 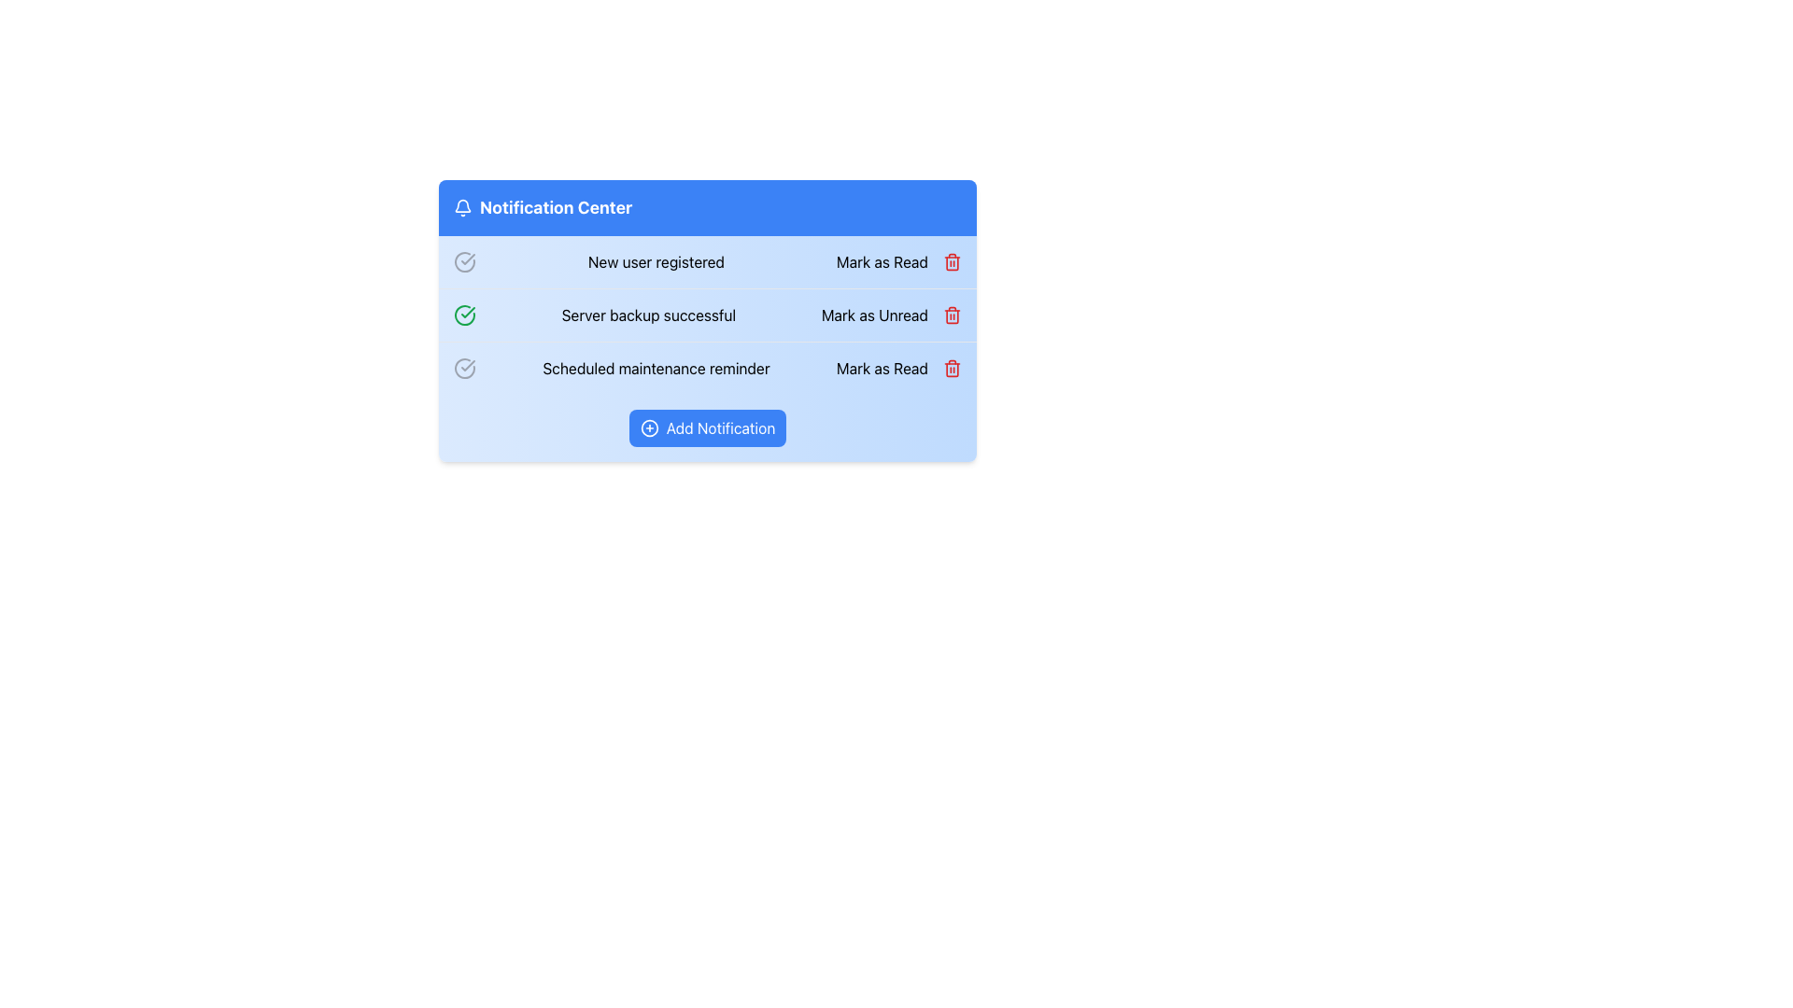 What do you see at coordinates (648, 315) in the screenshot?
I see `text displayed in the notification stating 'Server backup successful', which is located in the second notification item, between the green checkmark icon and the 'Mark as Unread' button` at bounding box center [648, 315].